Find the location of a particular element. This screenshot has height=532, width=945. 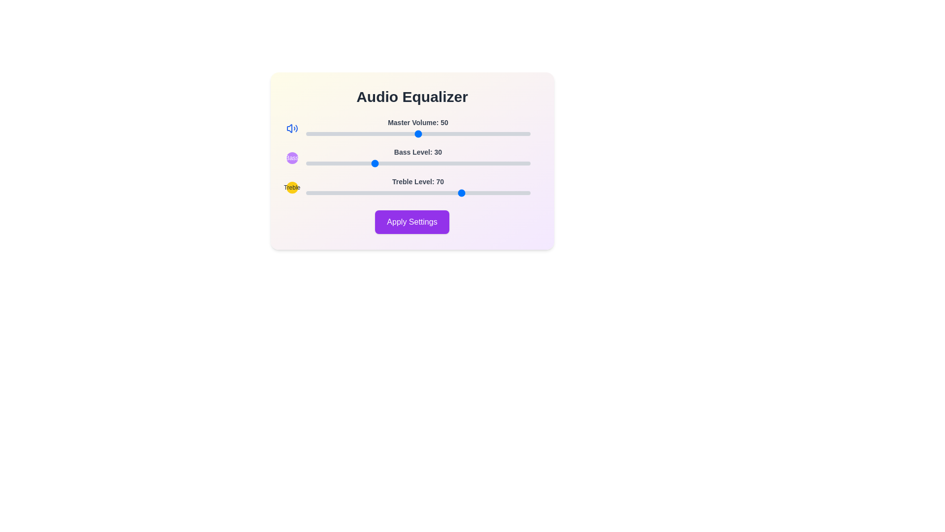

the master volume is located at coordinates (366, 134).